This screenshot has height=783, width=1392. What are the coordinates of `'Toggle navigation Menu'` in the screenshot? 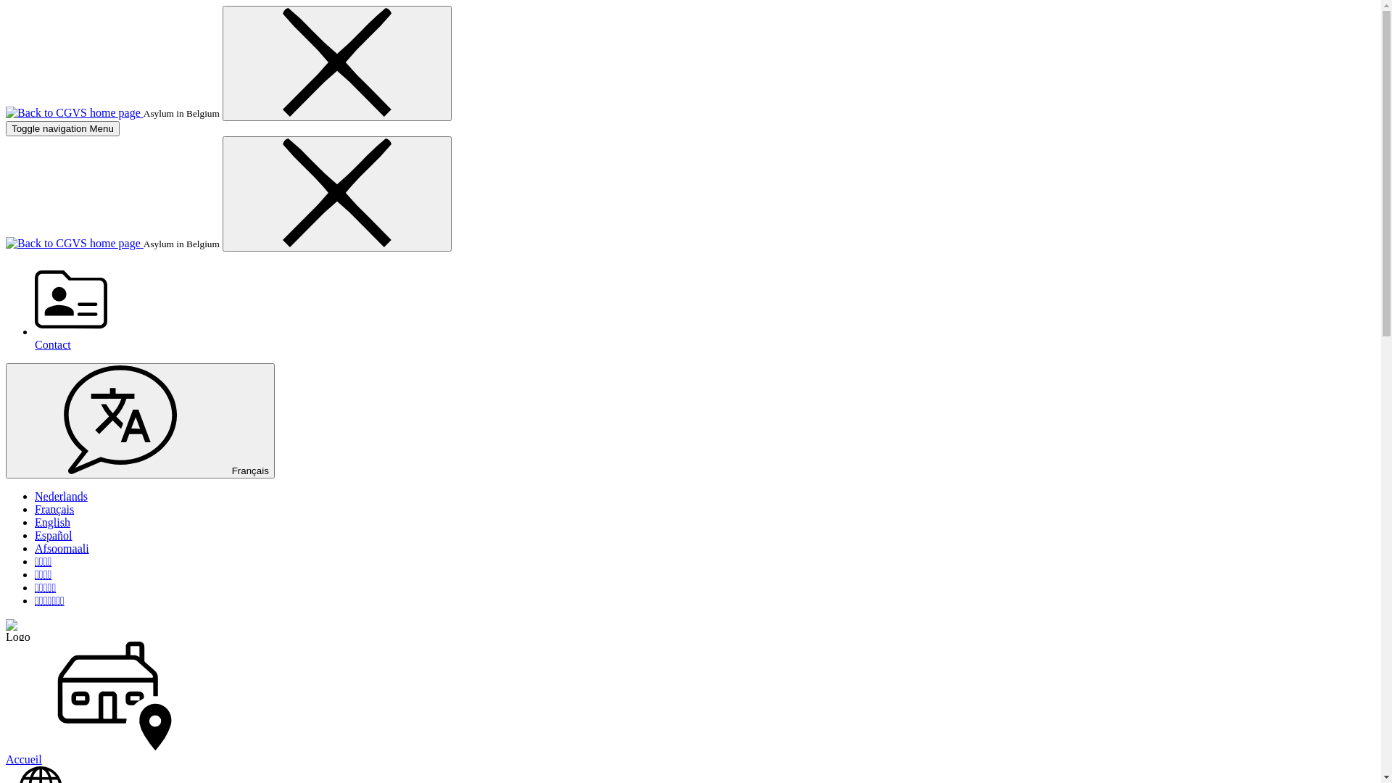 It's located at (6, 128).